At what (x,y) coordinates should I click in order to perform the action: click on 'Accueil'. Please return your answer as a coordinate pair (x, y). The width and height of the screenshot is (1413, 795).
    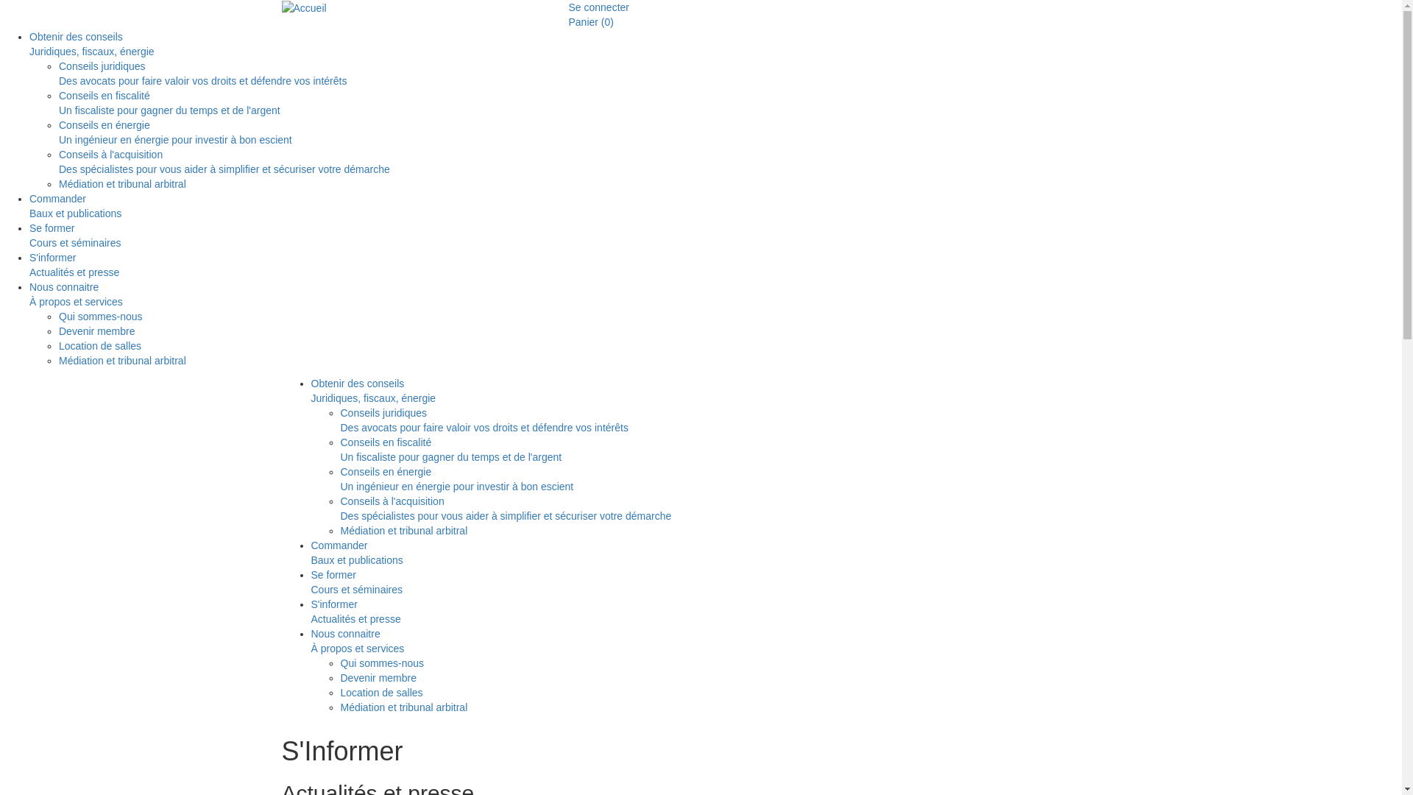
    Looking at the image, I should click on (281, 7).